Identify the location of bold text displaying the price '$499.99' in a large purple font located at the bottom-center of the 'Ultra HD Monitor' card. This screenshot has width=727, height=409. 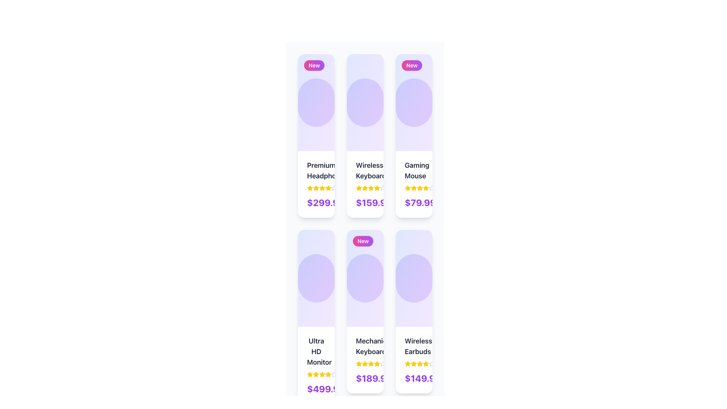
(316, 389).